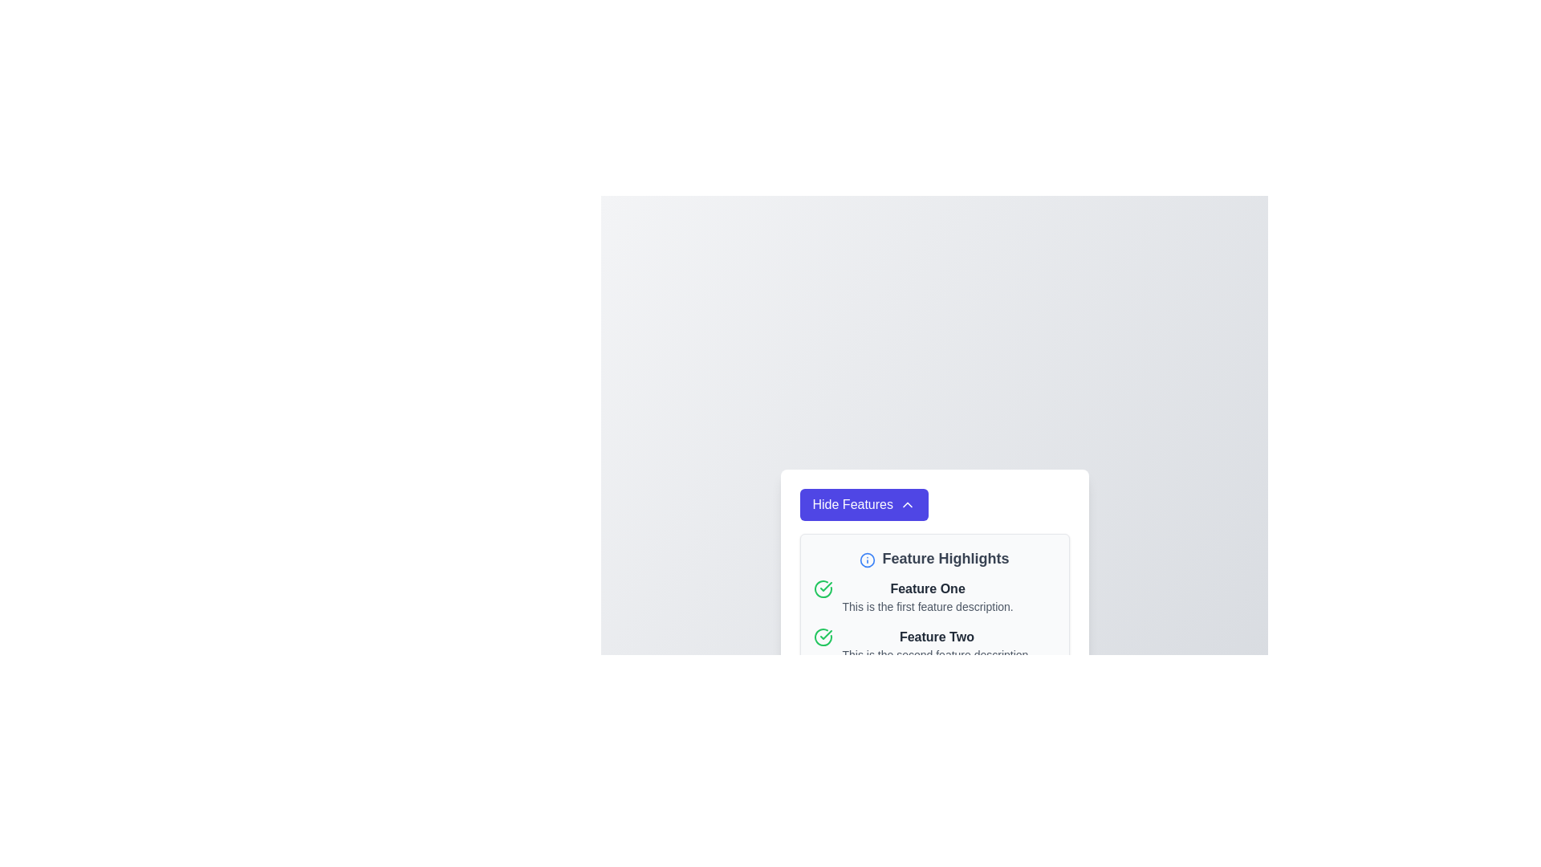  Describe the element at coordinates (867, 559) in the screenshot. I see `the blue circular outline SVG element located to the left of the 'Feature Highlights' heading in the features section of the card` at that location.